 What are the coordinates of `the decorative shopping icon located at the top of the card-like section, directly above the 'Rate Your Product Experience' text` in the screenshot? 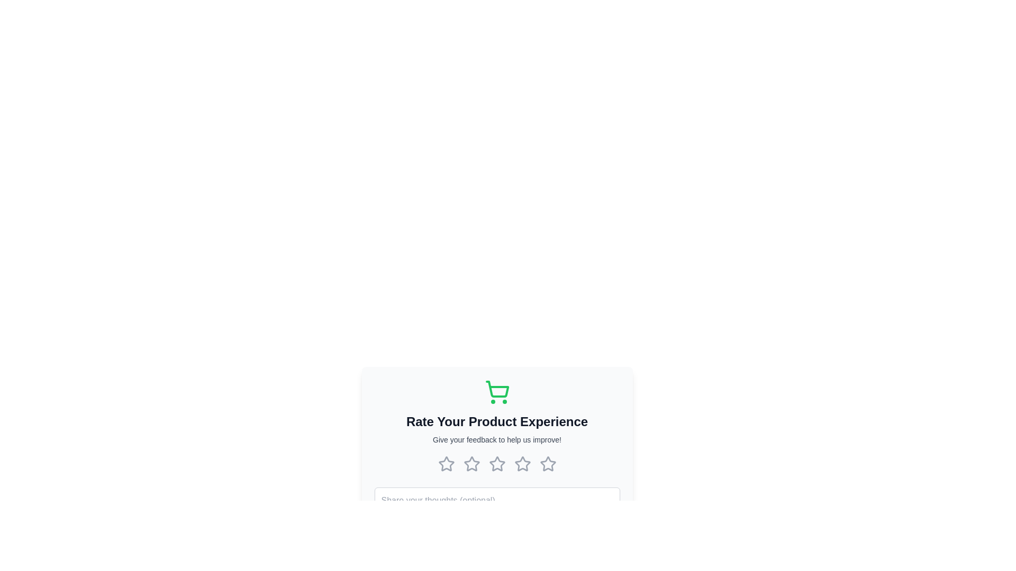 It's located at (496, 392).